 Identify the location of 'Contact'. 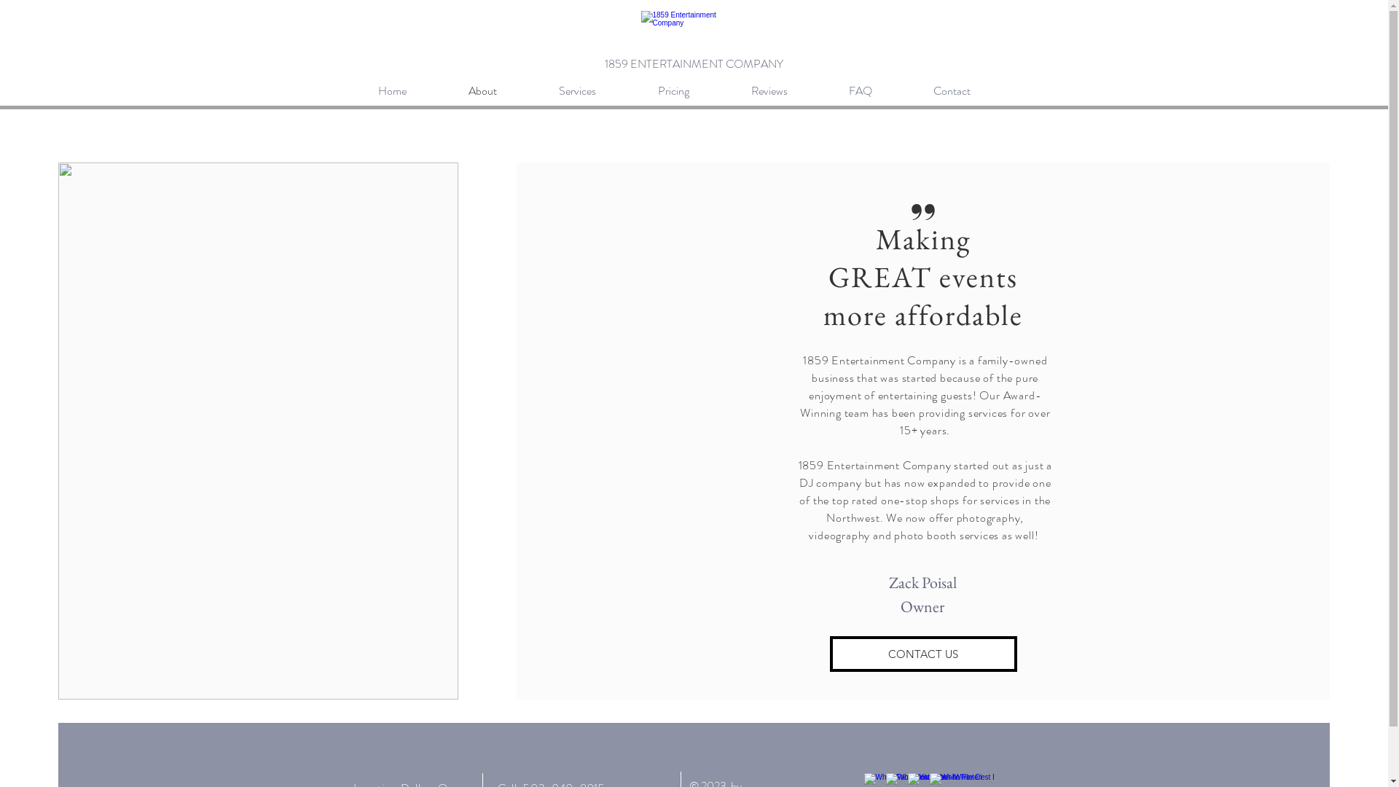
(971, 90).